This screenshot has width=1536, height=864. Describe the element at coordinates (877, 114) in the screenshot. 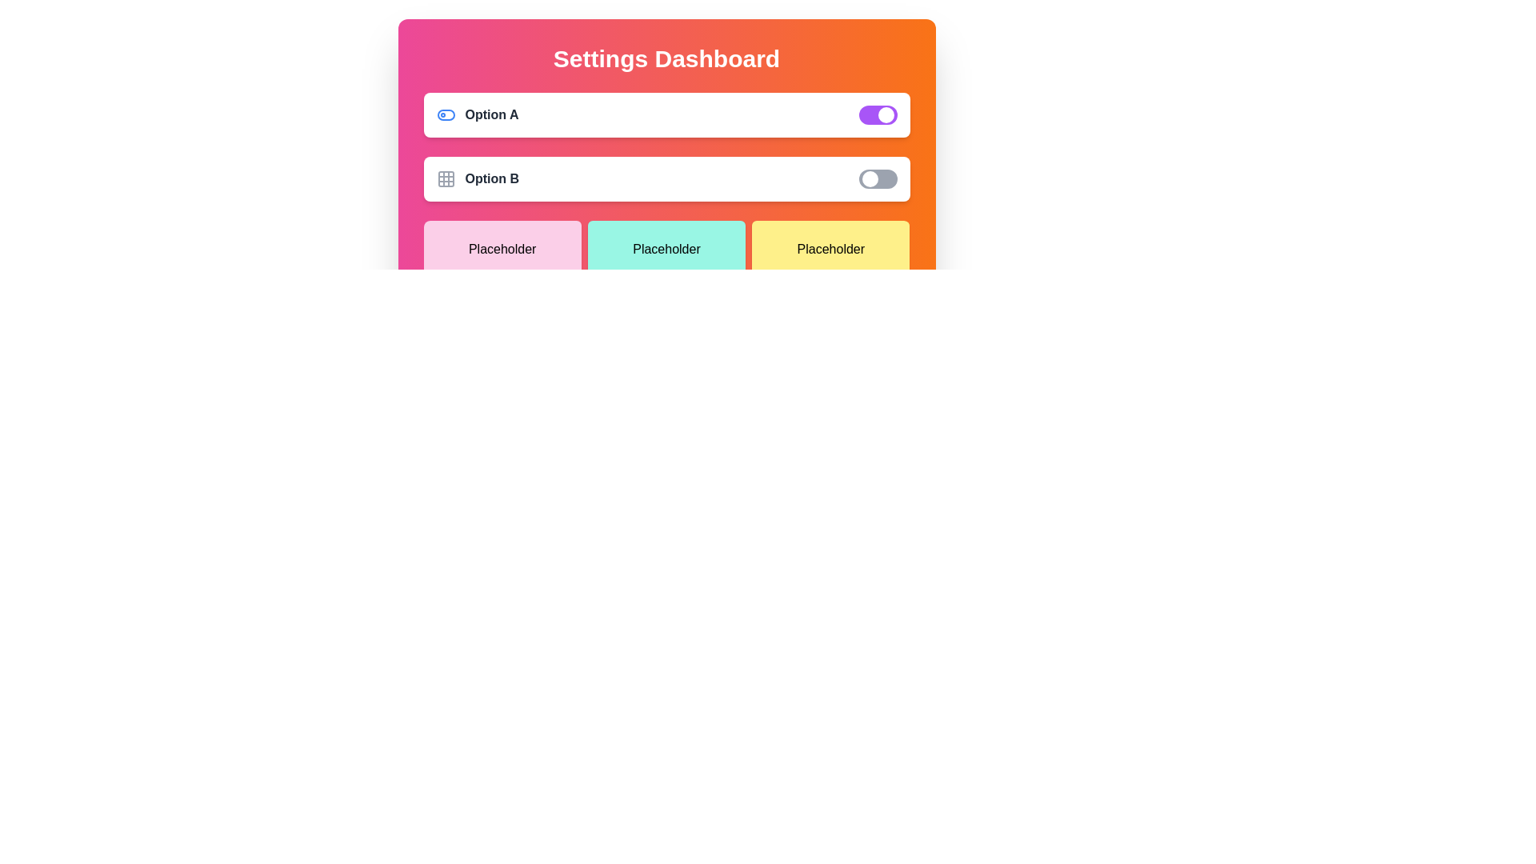

I see `the toggle switch located at the top right corner of the 'Option A' panel to switch its state` at that location.